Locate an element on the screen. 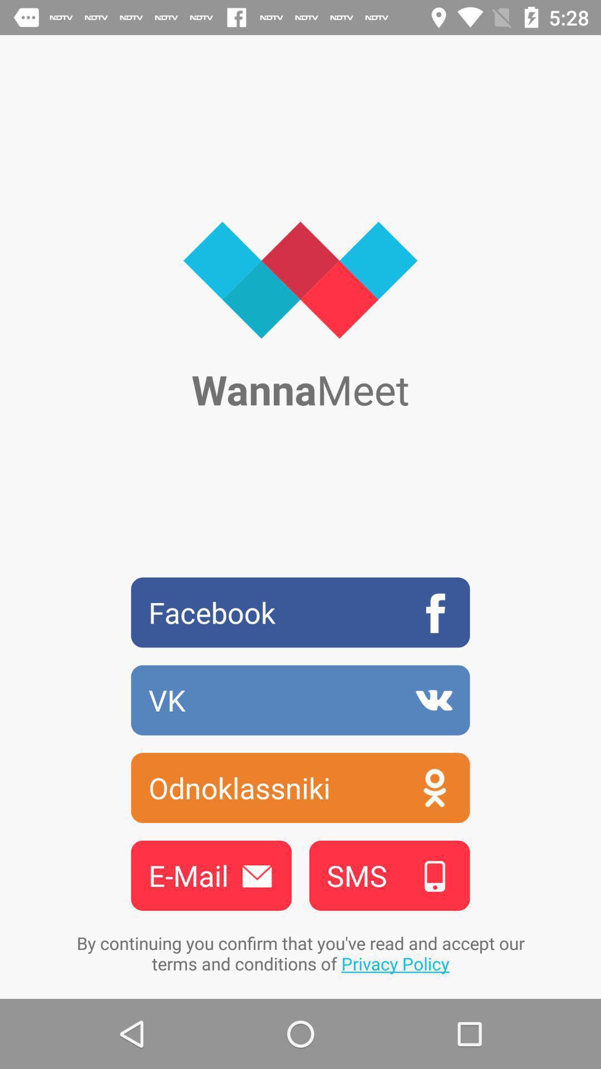 This screenshot has height=1069, width=601. the item above by continuing you icon is located at coordinates (389, 875).